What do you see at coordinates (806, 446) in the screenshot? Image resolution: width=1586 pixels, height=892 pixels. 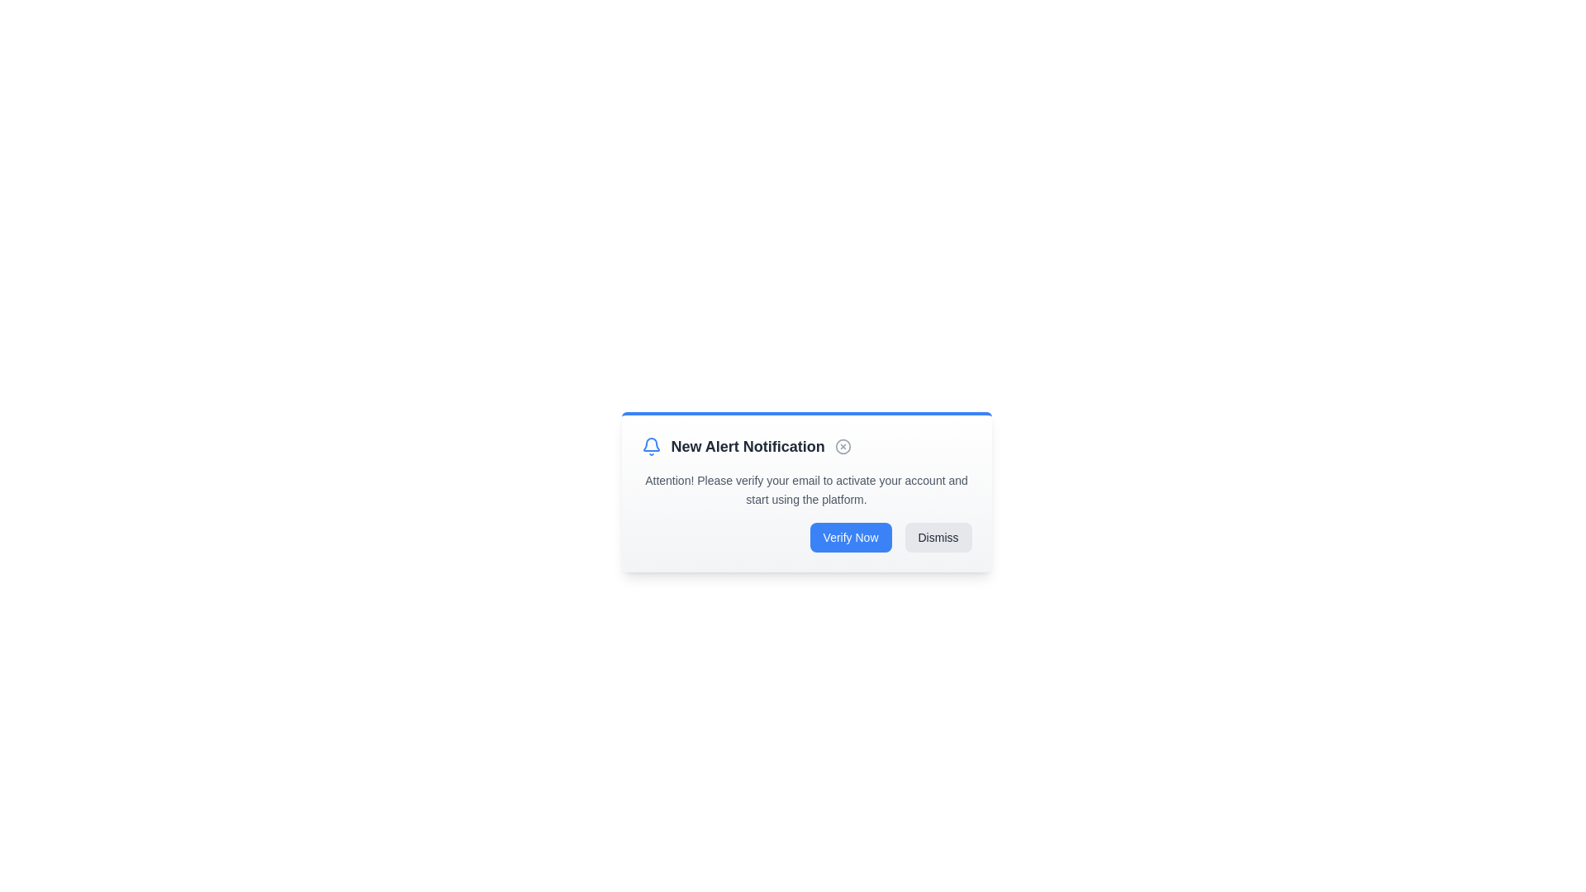 I see `the Header element that serves as the title for the notification interface, which is located at the top of the card-like interface` at bounding box center [806, 446].